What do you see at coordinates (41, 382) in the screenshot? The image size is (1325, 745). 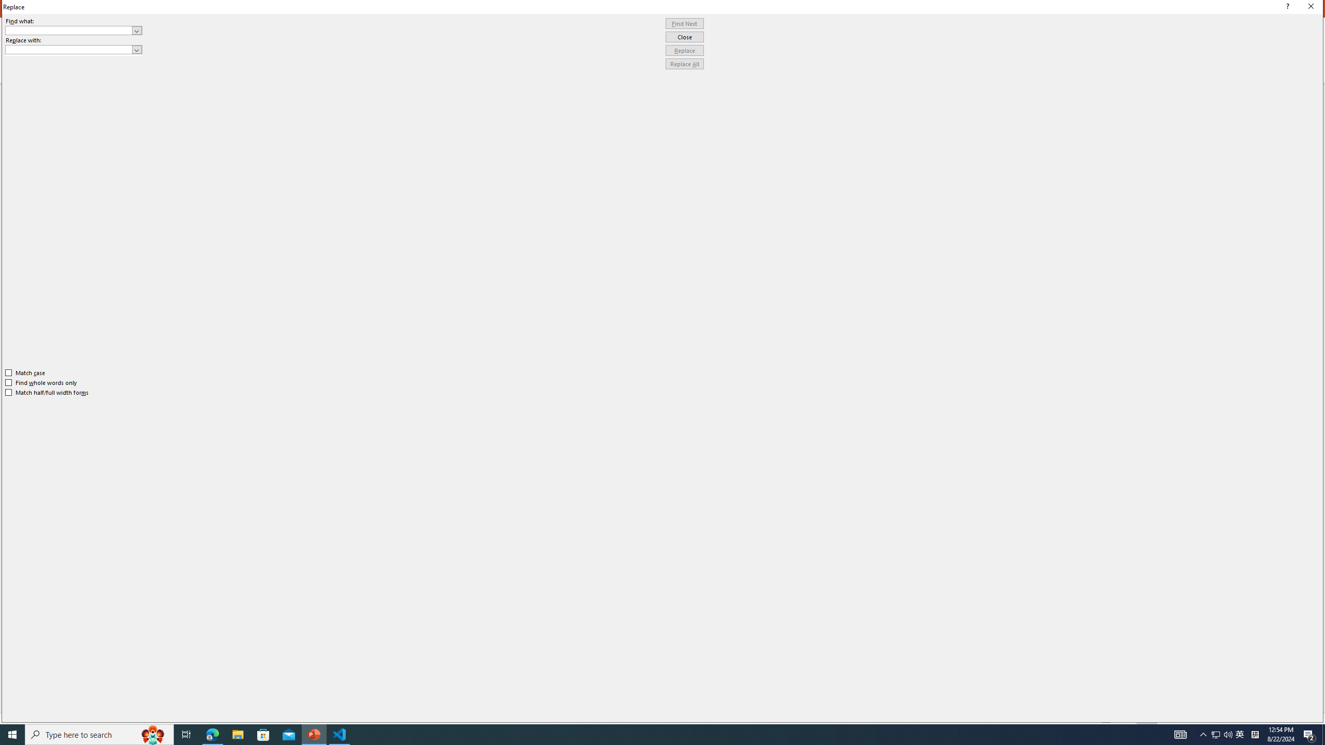 I see `'Find whole words only'` at bounding box center [41, 382].